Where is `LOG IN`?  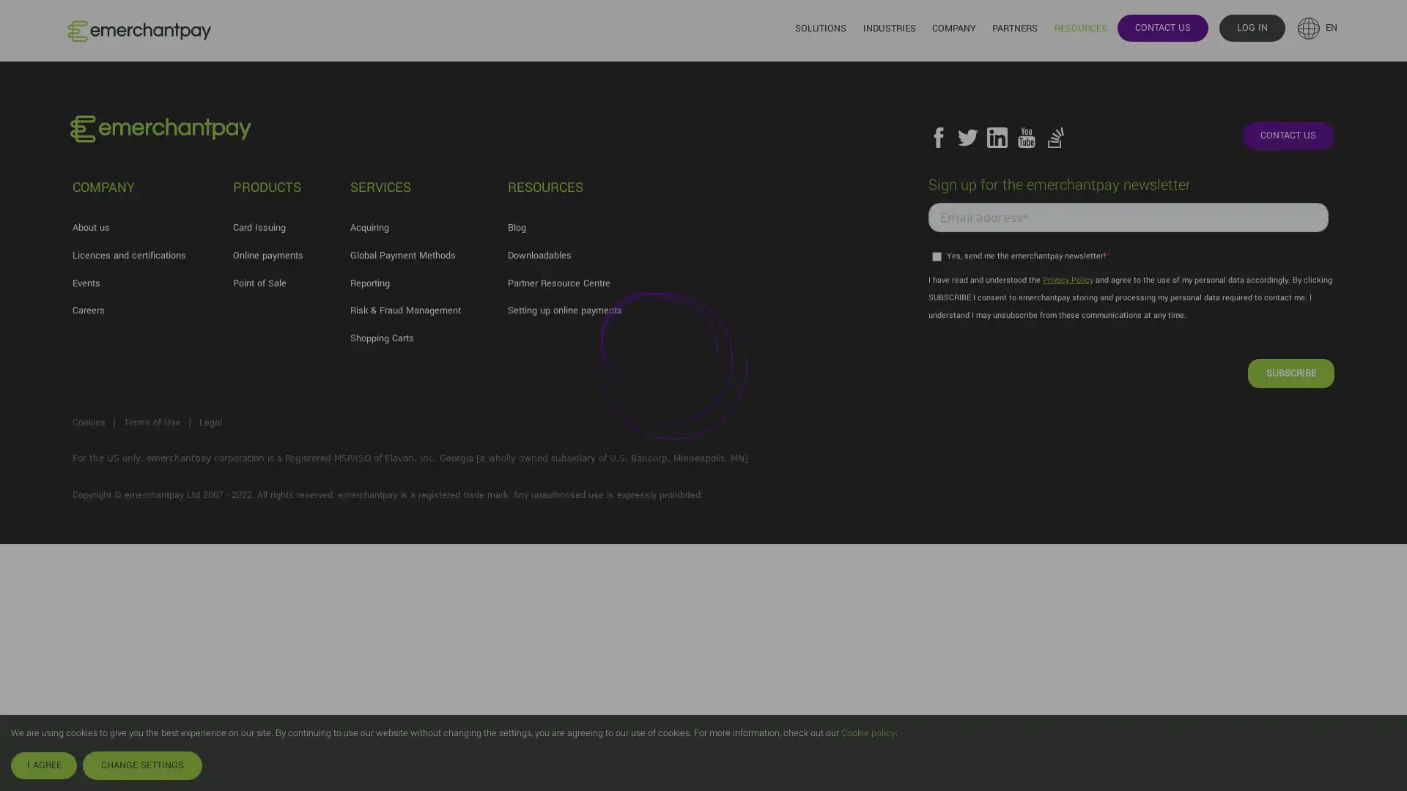
LOG IN is located at coordinates (1251, 27).